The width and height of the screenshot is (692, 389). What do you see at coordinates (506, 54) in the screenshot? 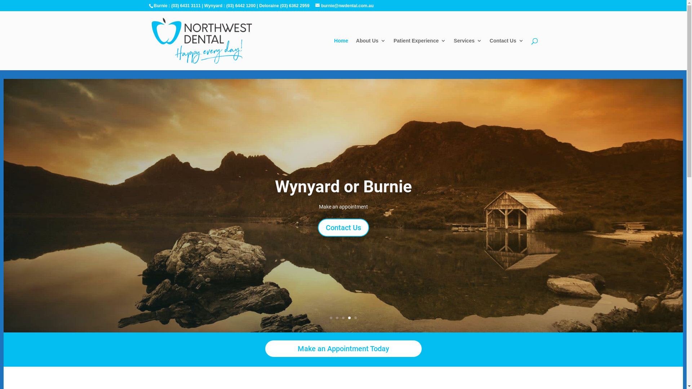
I see `'Contact Us'` at bounding box center [506, 54].